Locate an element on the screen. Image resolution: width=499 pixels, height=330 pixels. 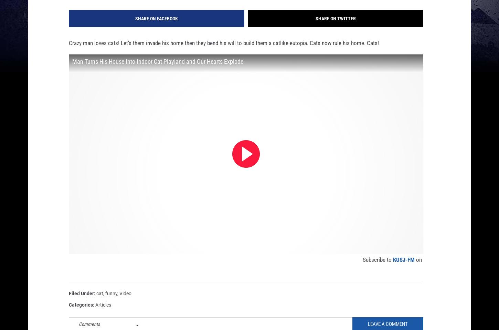
'Articles' is located at coordinates (103, 316).